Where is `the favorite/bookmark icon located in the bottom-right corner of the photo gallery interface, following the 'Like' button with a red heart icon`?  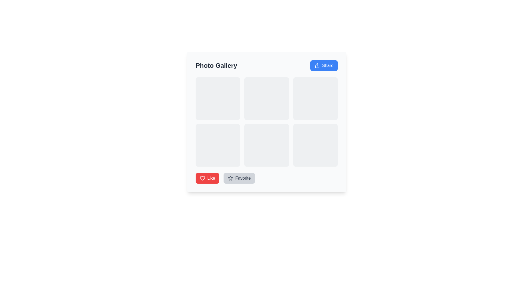
the favorite/bookmark icon located in the bottom-right corner of the photo gallery interface, following the 'Like' button with a red heart icon is located at coordinates (230, 178).